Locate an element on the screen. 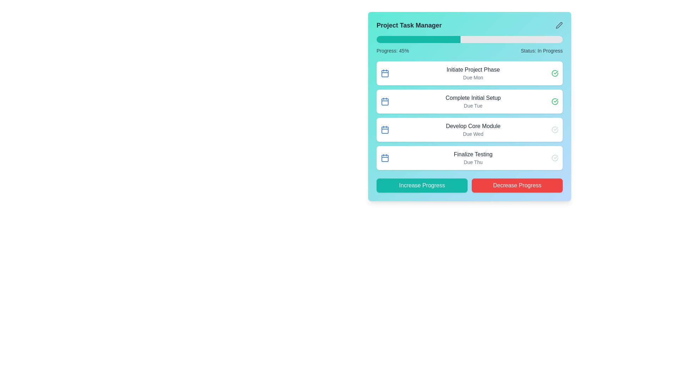 The width and height of the screenshot is (677, 381). the completion status indicator icon located at the far right of the 'Complete Initial Setup' task in the task list area is located at coordinates (555, 102).